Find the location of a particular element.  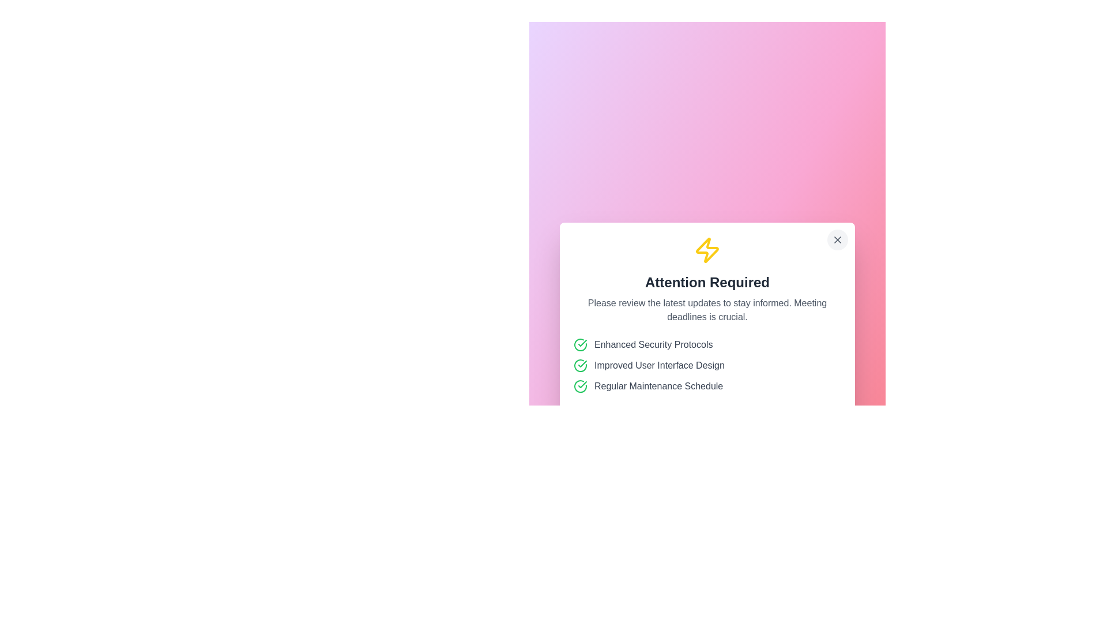

the paragraph of text styled in a smaller, gray font that reads 'Please review the latest updates to stay informed. Meeting deadlines is crucial.' located below the main header 'Attention Required.' is located at coordinates (707, 309).